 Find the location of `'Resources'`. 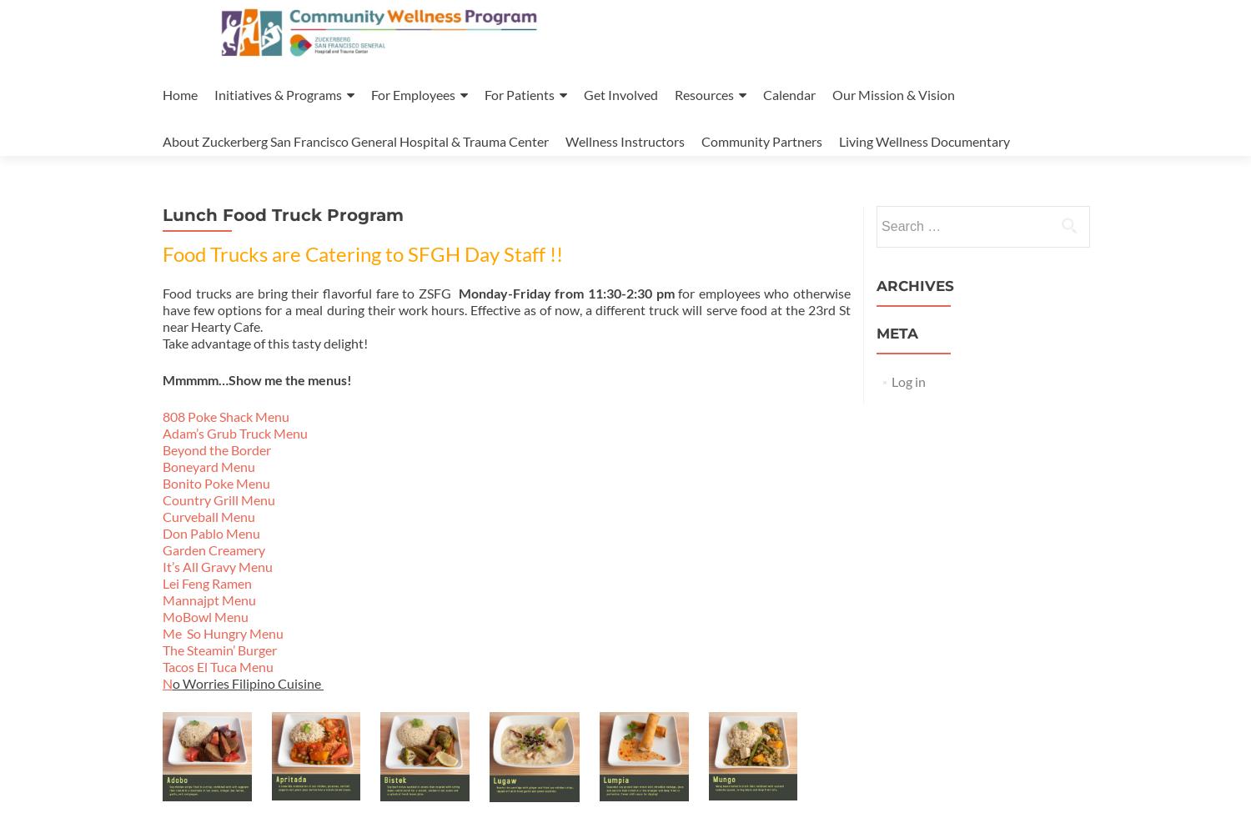

'Resources' is located at coordinates (703, 94).